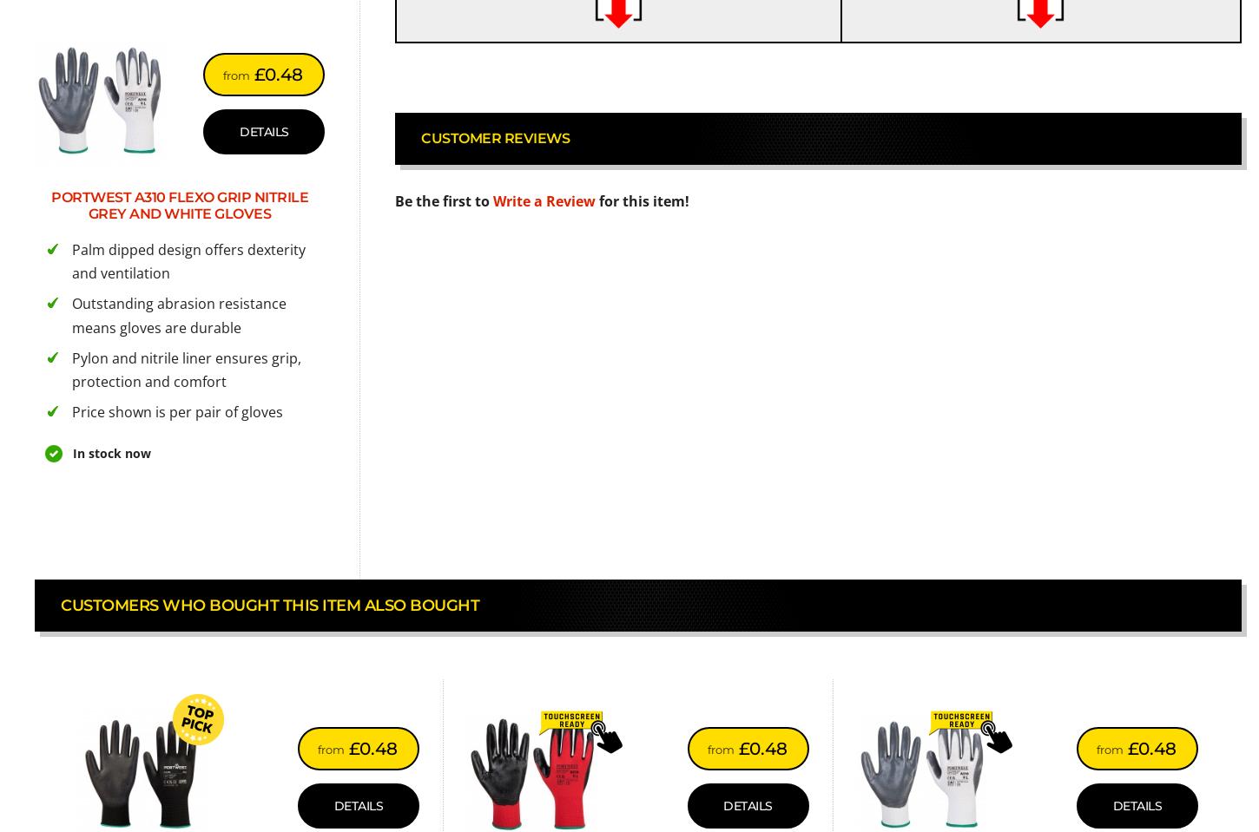 The width and height of the screenshot is (1259, 832). Describe the element at coordinates (598, 200) in the screenshot. I see `'for this item!'` at that location.